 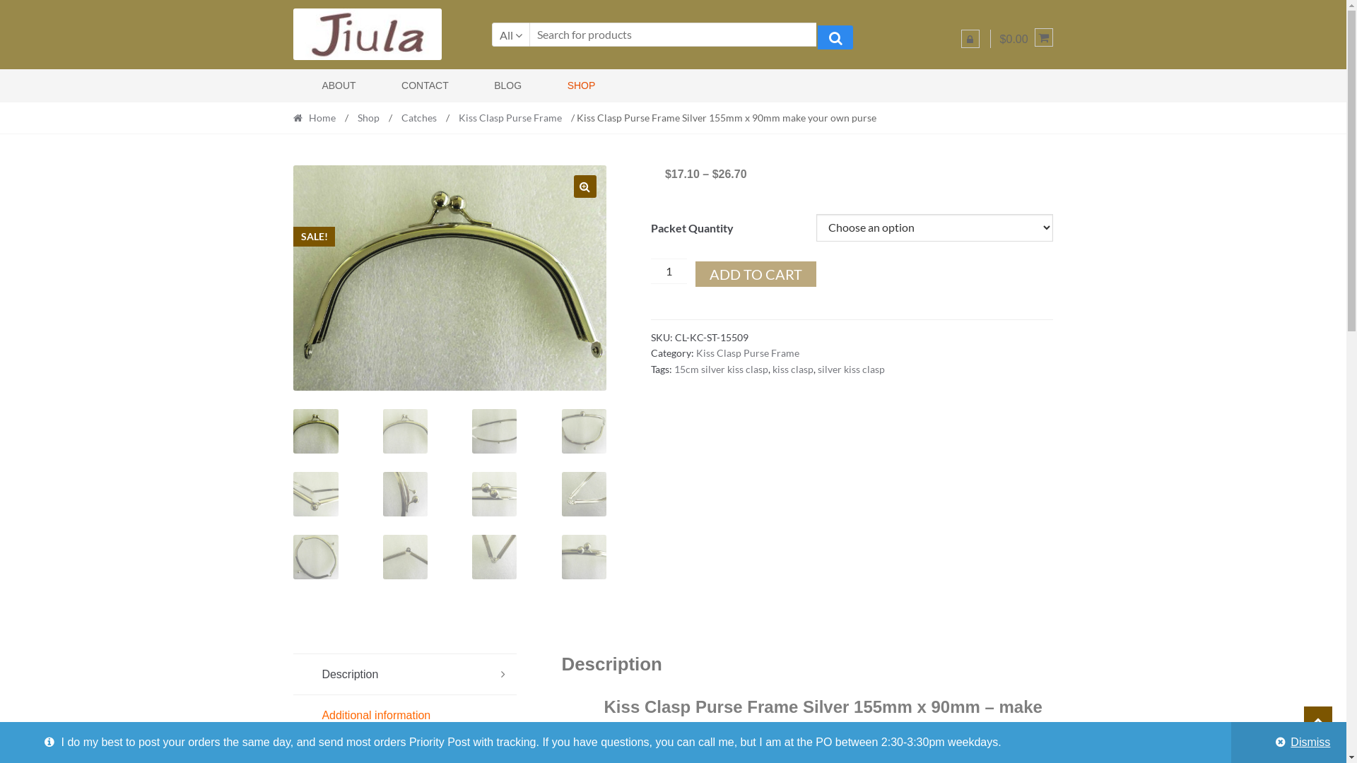 What do you see at coordinates (566, 85) in the screenshot?
I see `'SHOP'` at bounding box center [566, 85].